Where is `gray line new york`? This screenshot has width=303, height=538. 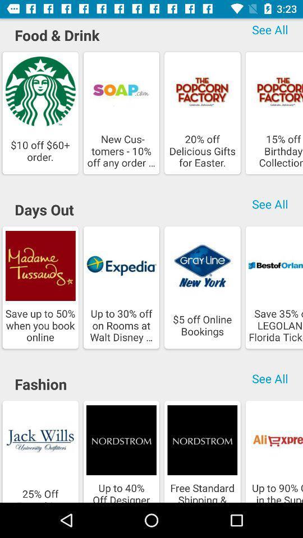 gray line new york is located at coordinates (201, 266).